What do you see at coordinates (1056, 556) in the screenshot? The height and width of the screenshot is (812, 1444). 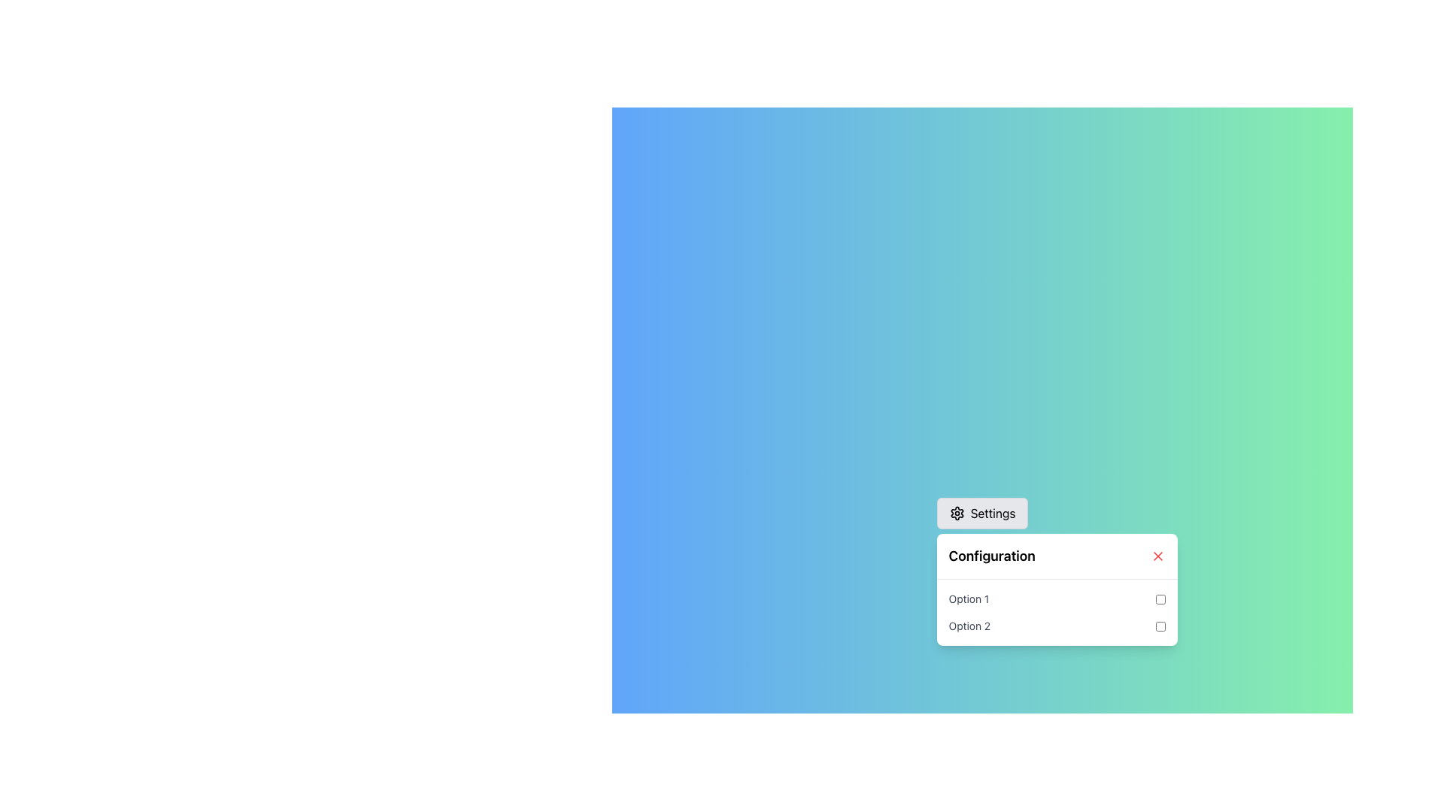 I see `the 'Configuration' header section within the dropdown menu that includes a closing button represented by a red 'X' icon` at bounding box center [1056, 556].